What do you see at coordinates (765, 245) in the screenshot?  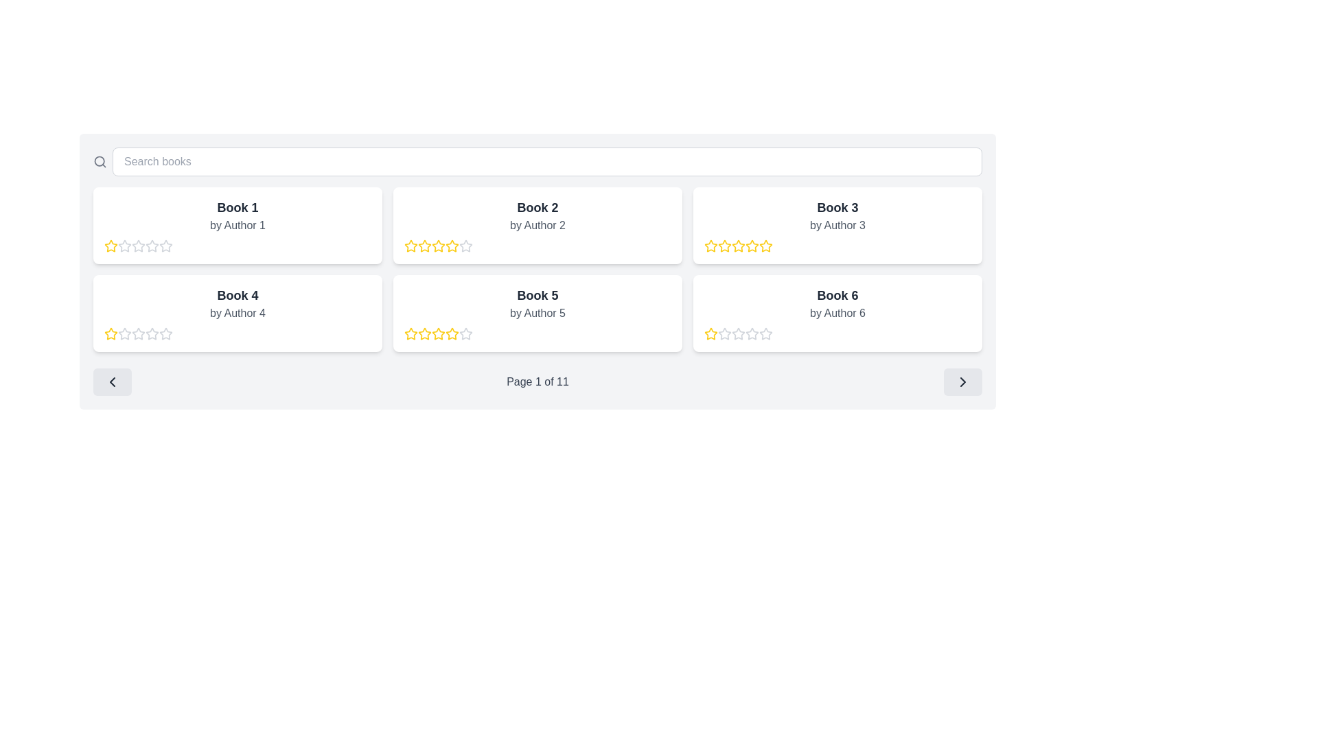 I see `the fifth yellow star icon for rating associated with 'Book 3', which is outlined in black and positioned below the book's title and author information` at bounding box center [765, 245].